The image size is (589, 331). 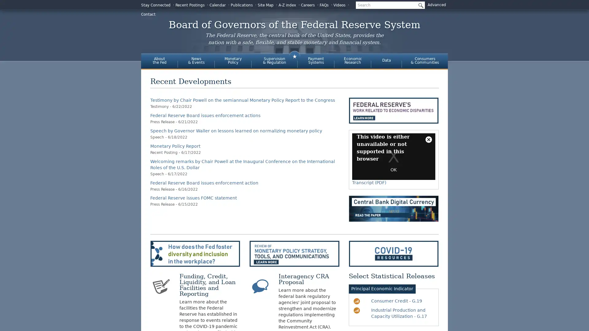 What do you see at coordinates (428, 139) in the screenshot?
I see `Close Modal Dialog` at bounding box center [428, 139].